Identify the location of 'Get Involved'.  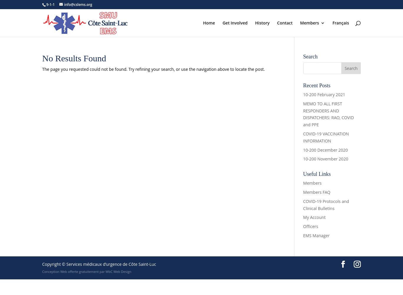
(235, 22).